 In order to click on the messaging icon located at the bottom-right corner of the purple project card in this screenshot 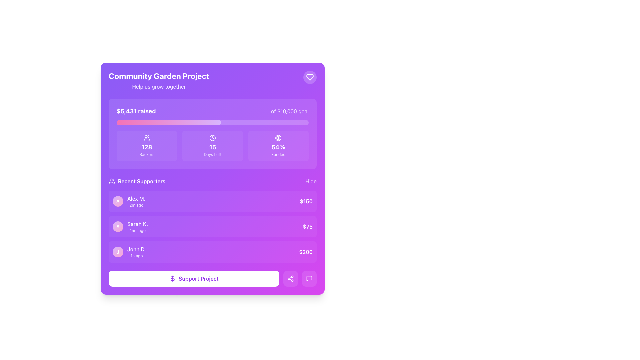, I will do `click(309, 279)`.